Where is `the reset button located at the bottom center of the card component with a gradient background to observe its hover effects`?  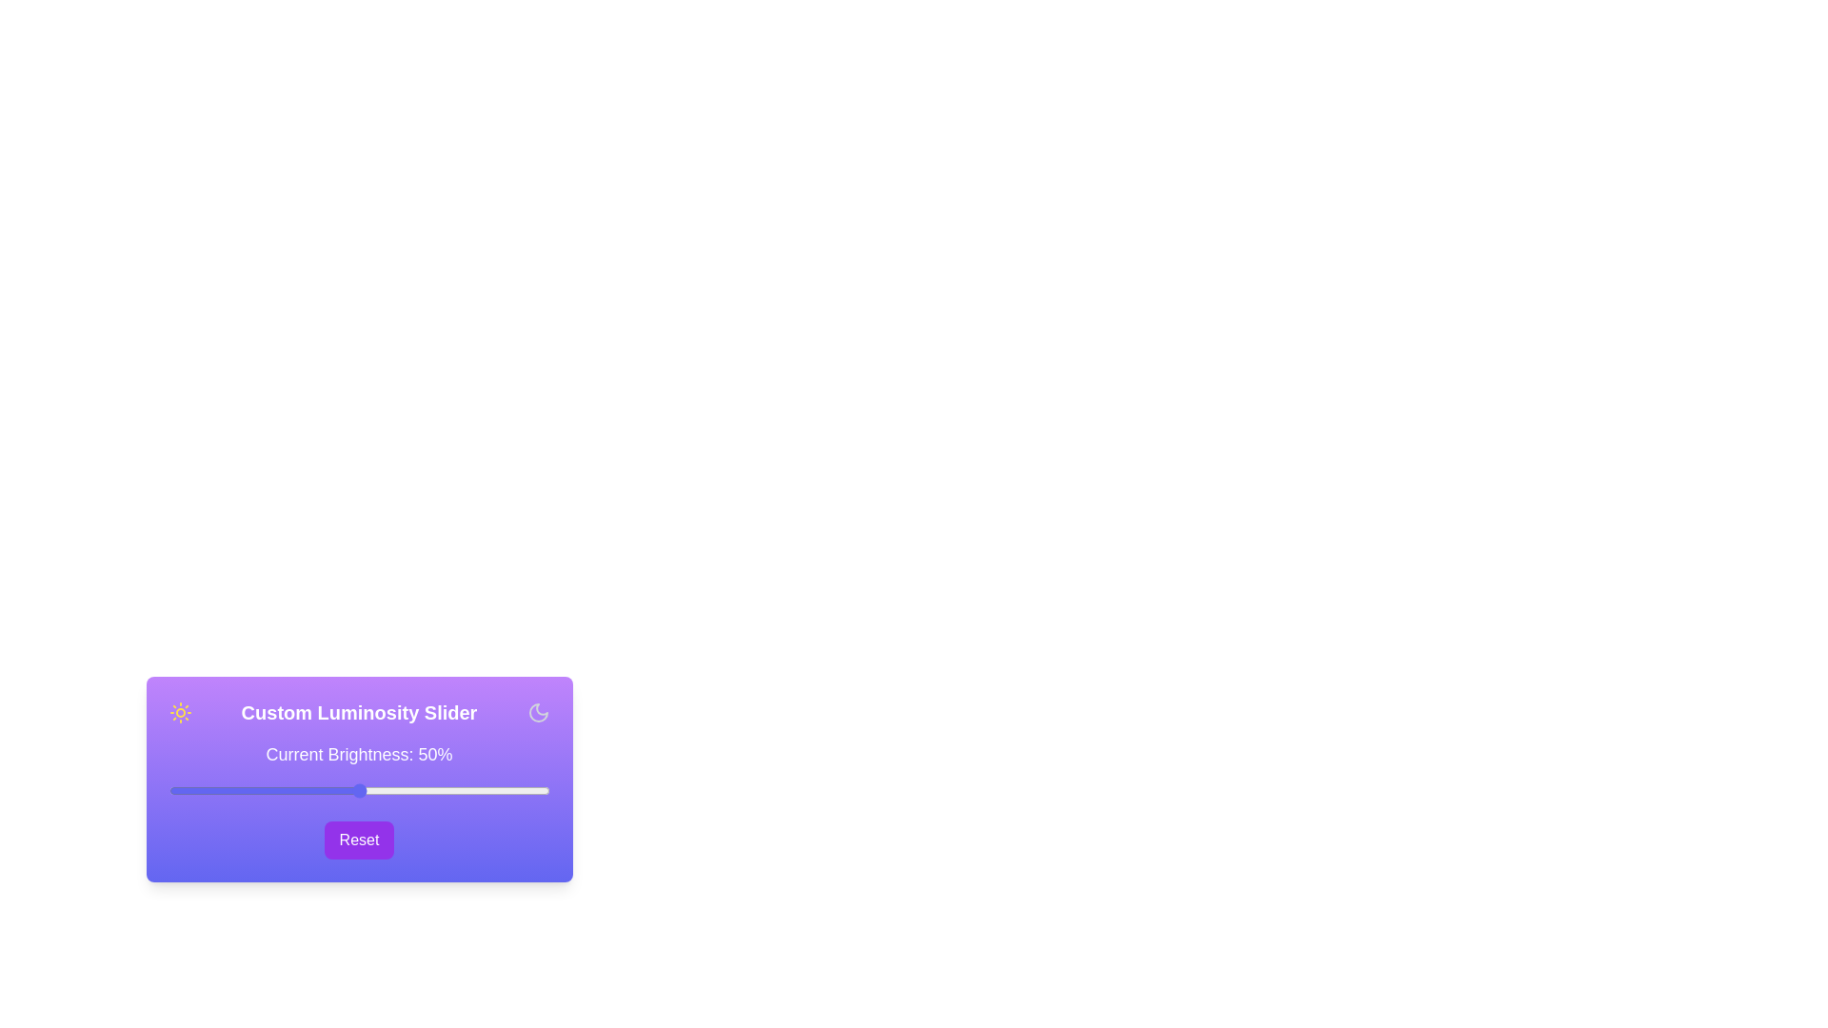
the reset button located at the bottom center of the card component with a gradient background to observe its hover effects is located at coordinates (359, 840).